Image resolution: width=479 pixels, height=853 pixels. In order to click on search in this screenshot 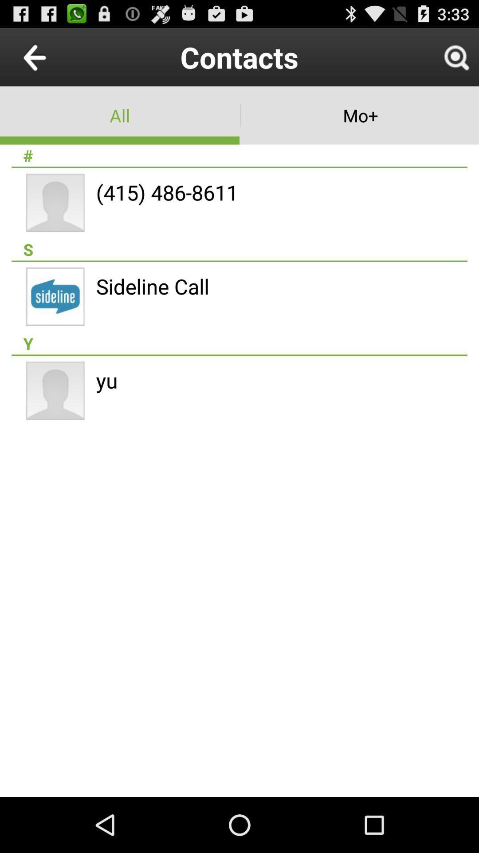, I will do `click(456, 56)`.